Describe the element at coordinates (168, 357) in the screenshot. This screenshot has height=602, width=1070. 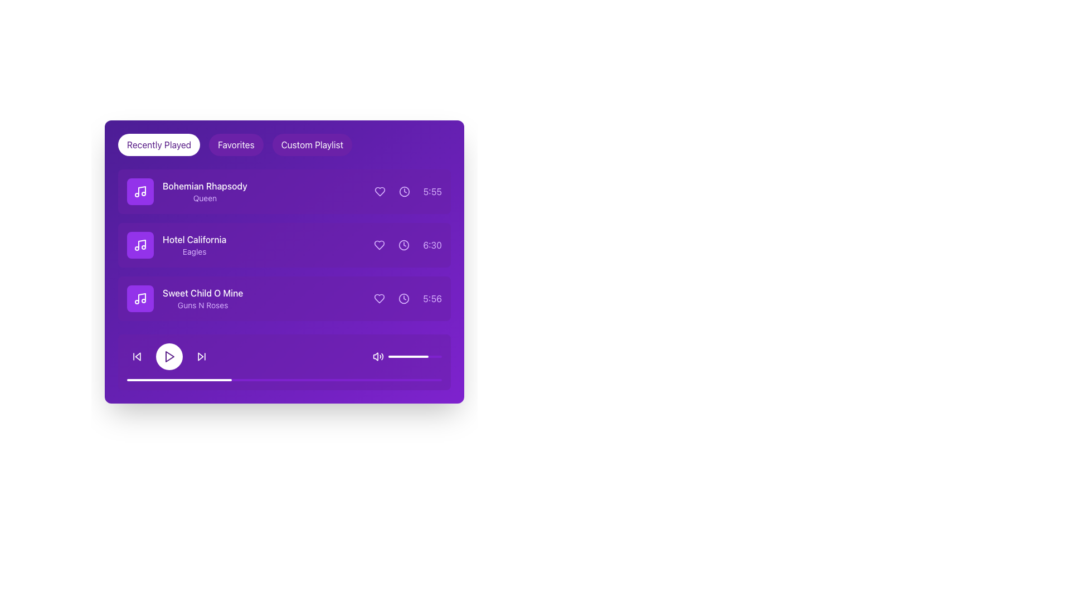
I see `the 'Play' button in the music player interface` at that location.